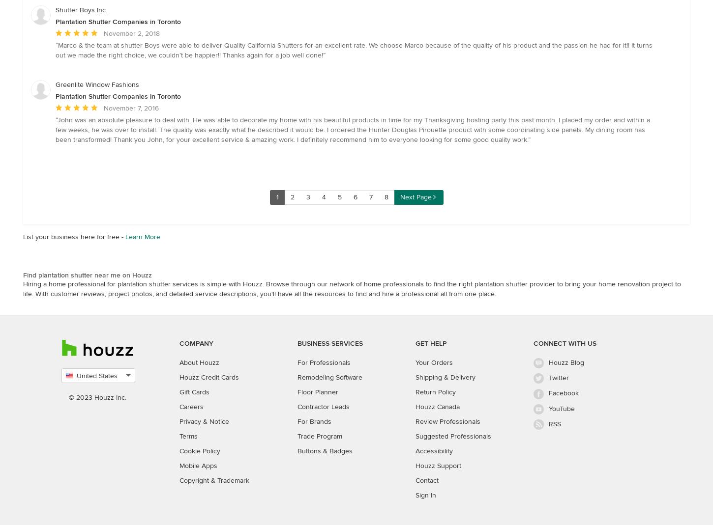  I want to click on 'Suggested Professionals', so click(453, 436).